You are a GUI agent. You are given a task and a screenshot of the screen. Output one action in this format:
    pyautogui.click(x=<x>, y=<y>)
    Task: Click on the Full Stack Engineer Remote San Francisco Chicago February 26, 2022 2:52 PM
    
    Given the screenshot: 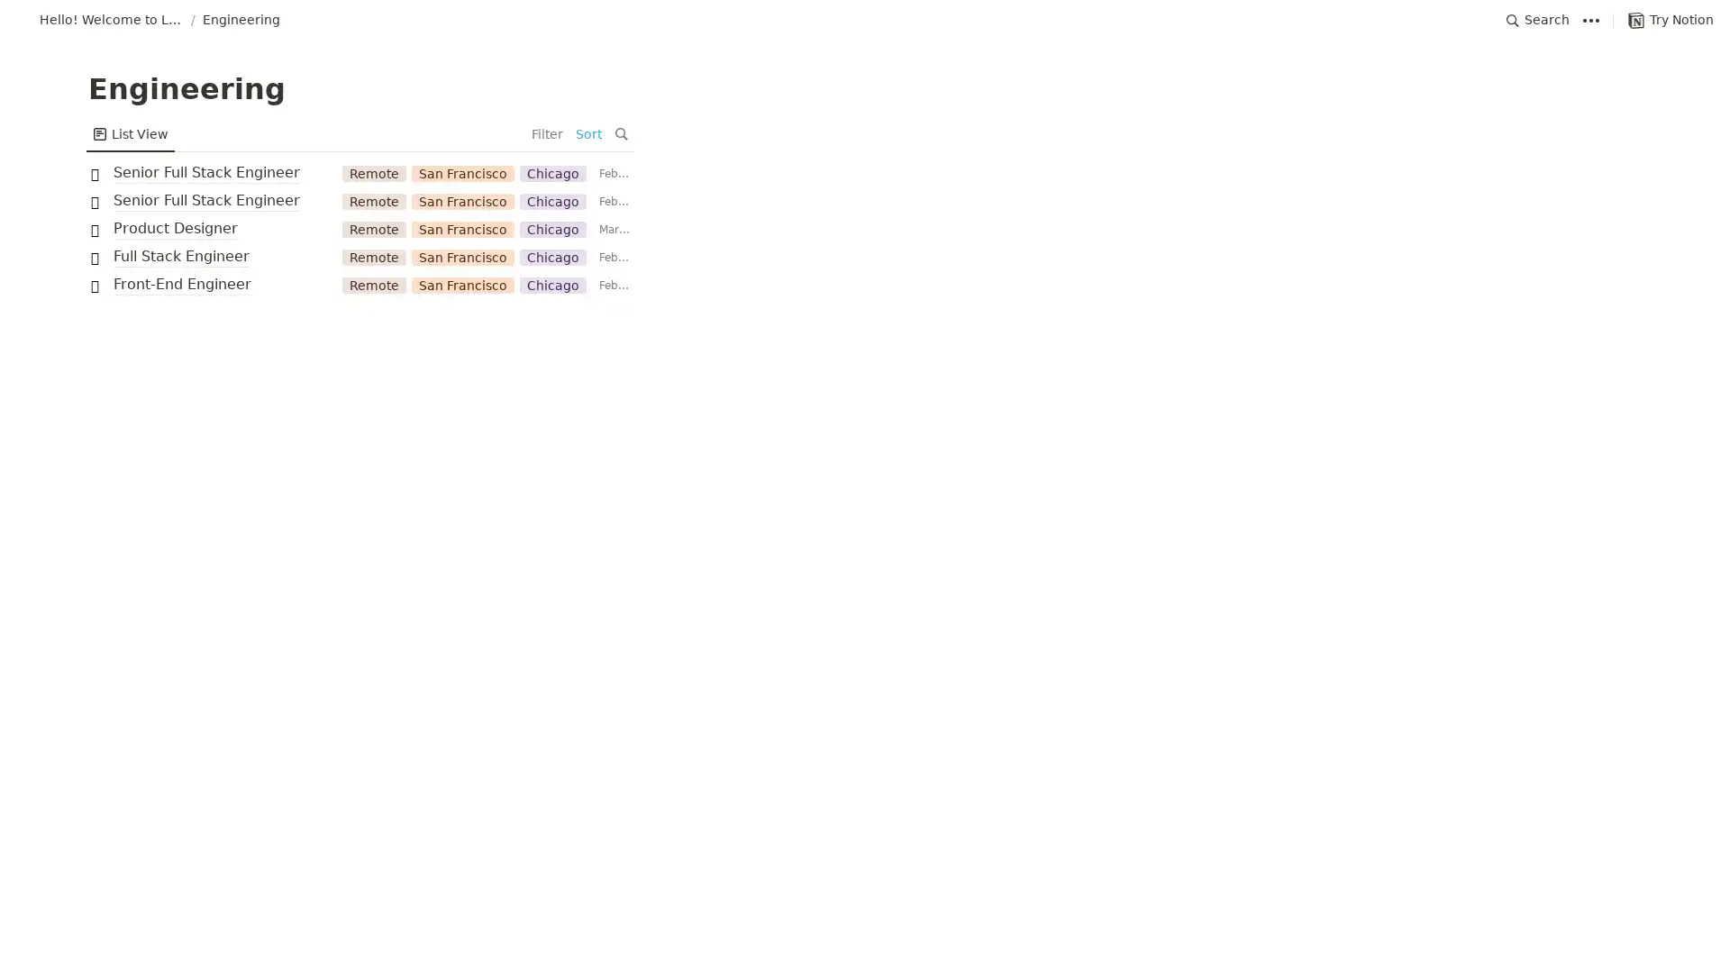 What is the action you would take?
    pyautogui.click(x=865, y=257)
    